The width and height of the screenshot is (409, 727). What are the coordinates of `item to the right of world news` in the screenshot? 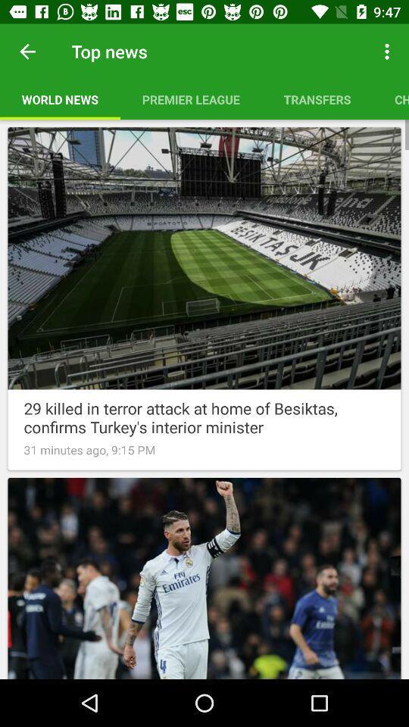 It's located at (191, 98).